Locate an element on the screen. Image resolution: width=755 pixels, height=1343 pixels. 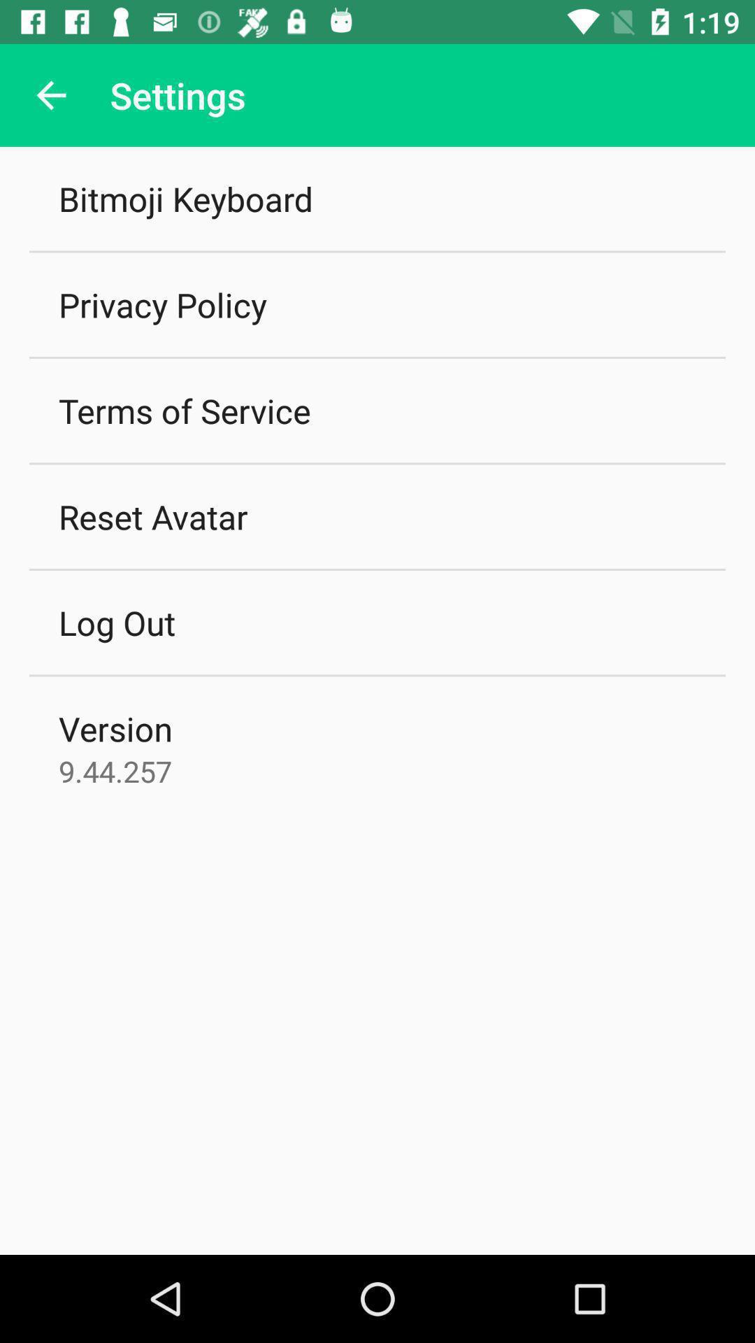
terms of service is located at coordinates (184, 410).